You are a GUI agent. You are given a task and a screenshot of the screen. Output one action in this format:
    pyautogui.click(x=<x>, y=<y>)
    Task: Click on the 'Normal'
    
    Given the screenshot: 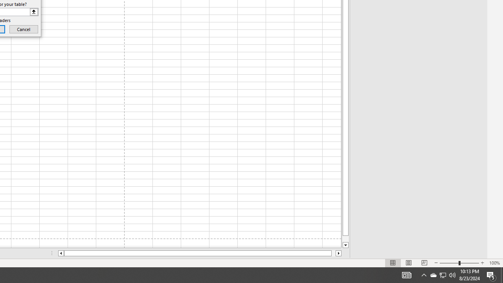 What is the action you would take?
    pyautogui.click(x=393, y=263)
    